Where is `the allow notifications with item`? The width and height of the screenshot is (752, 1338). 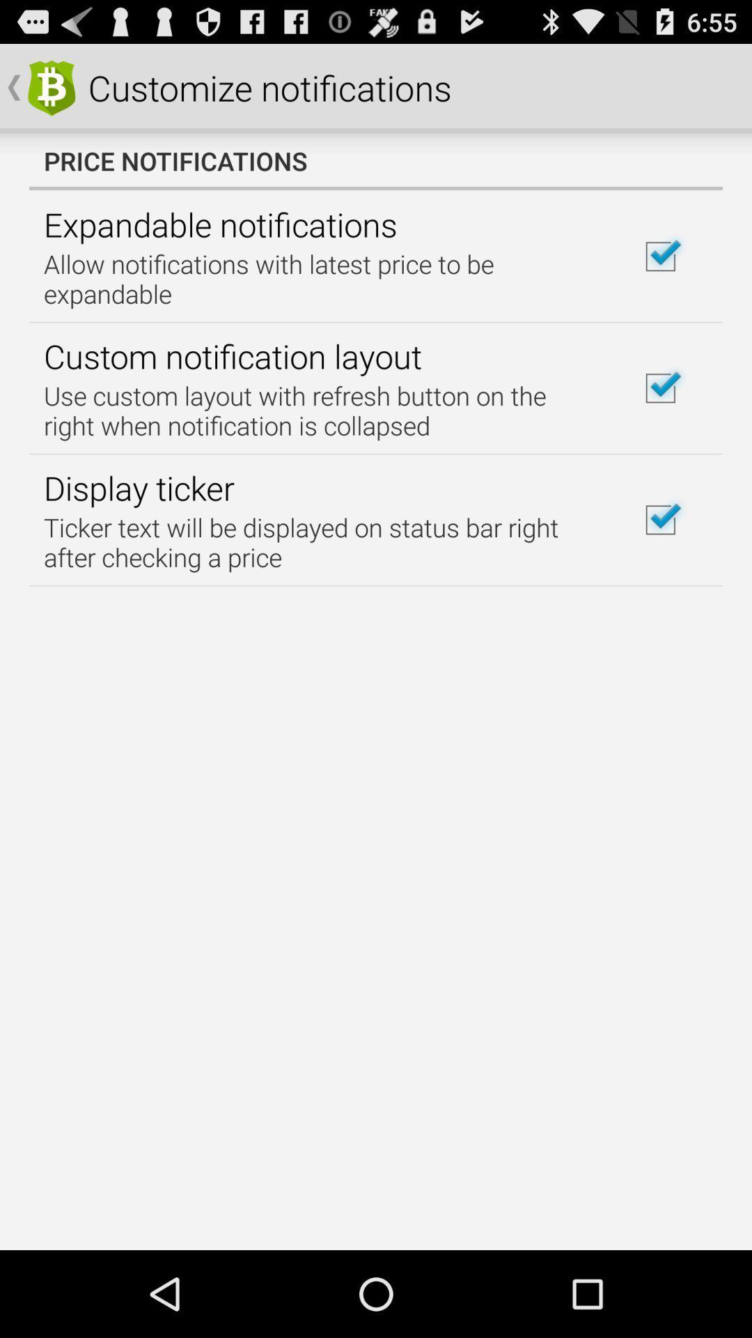 the allow notifications with item is located at coordinates (322, 279).